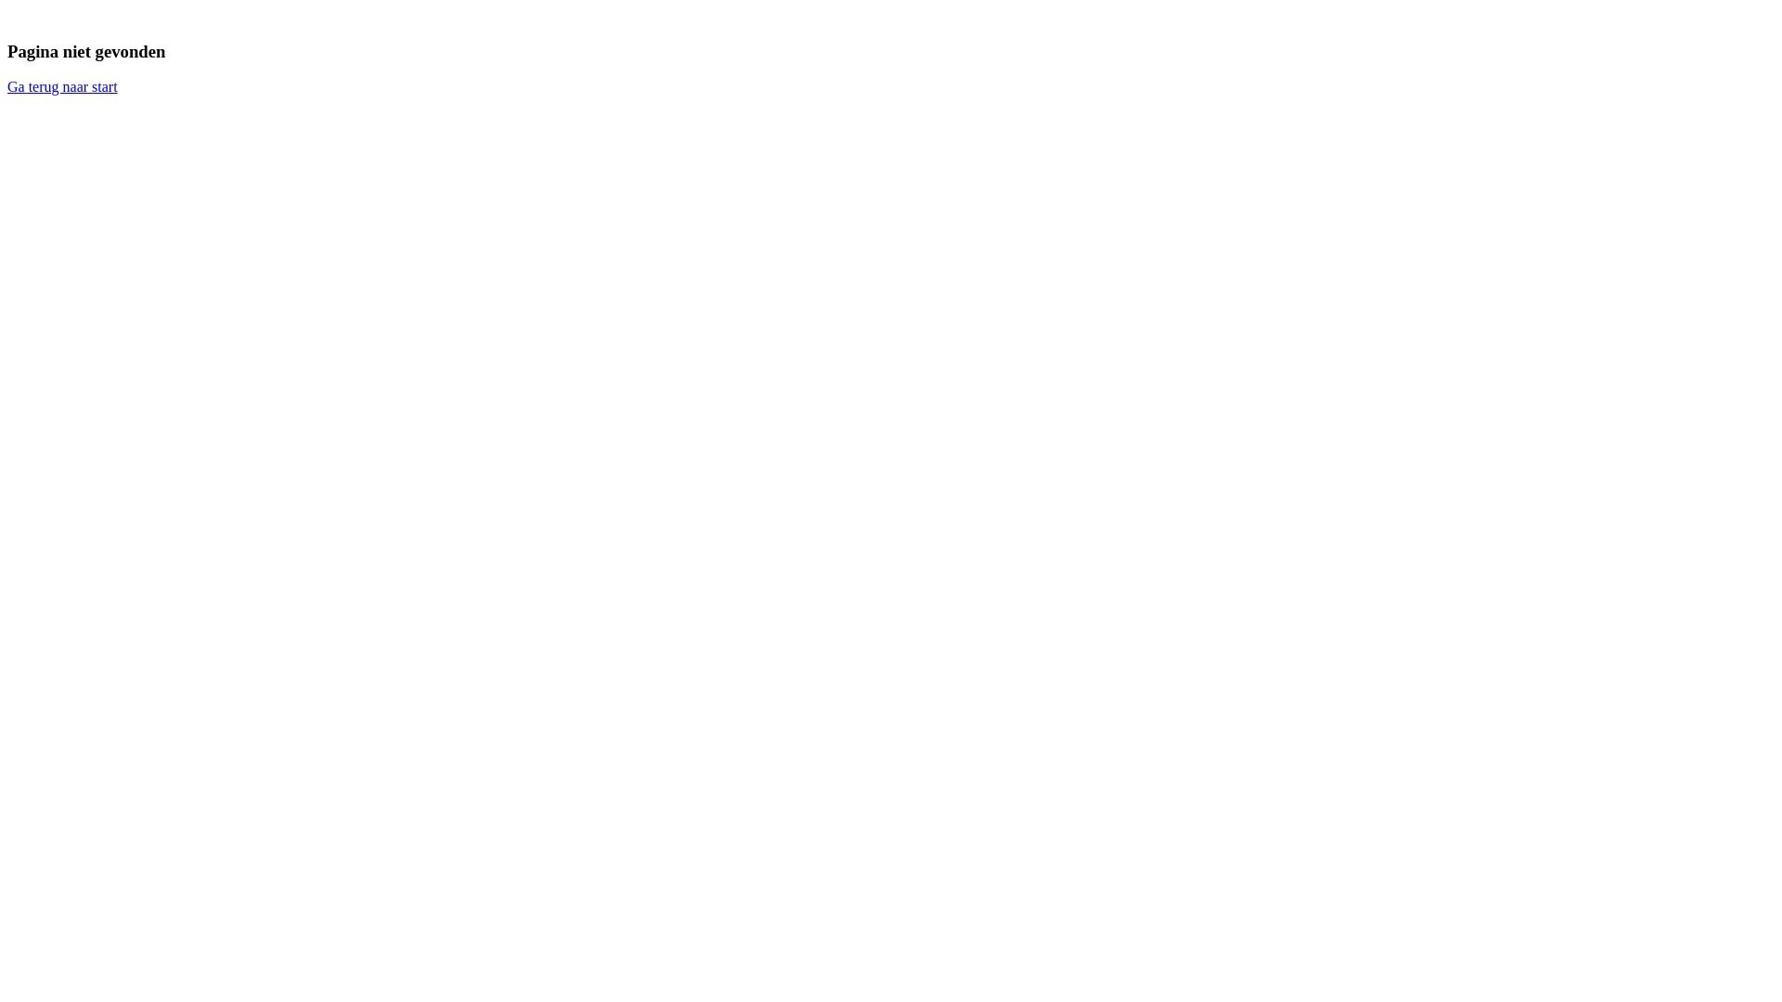 The width and height of the screenshot is (1782, 1002). What do you see at coordinates (7, 86) in the screenshot?
I see `'Ga terug naar start'` at bounding box center [7, 86].